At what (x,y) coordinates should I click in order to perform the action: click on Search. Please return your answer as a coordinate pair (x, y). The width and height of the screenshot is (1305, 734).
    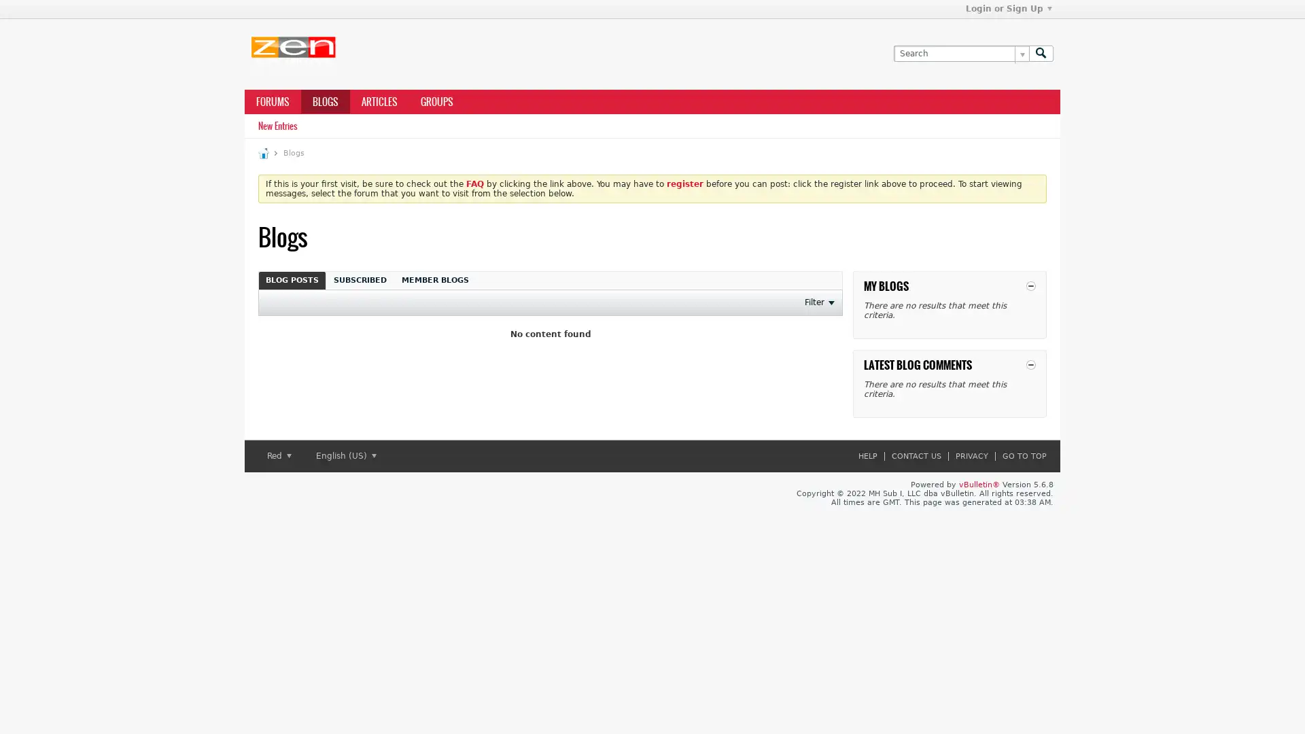
    Looking at the image, I should click on (1040, 52).